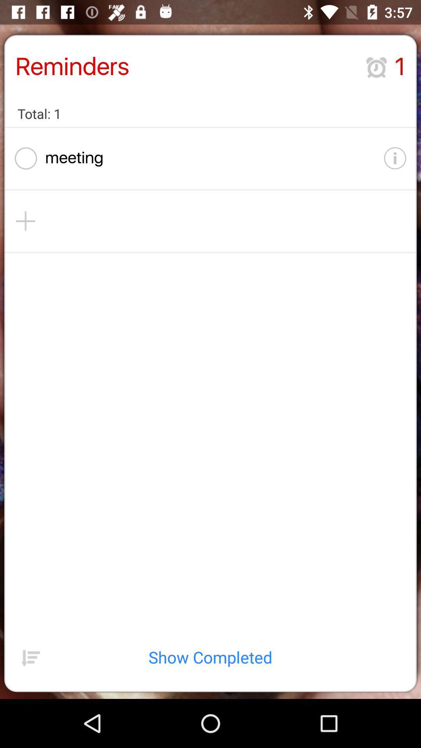 This screenshot has width=421, height=748. Describe the element at coordinates (395, 158) in the screenshot. I see `the icon which is to the right from meeting` at that location.